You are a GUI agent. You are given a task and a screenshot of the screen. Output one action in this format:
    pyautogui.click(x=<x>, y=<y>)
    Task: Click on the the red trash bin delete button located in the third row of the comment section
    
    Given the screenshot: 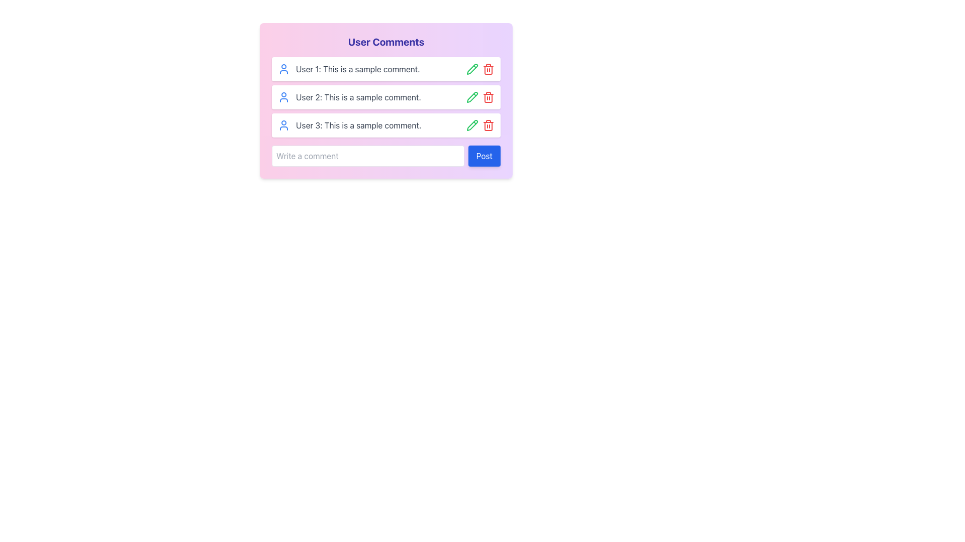 What is the action you would take?
    pyautogui.click(x=488, y=125)
    